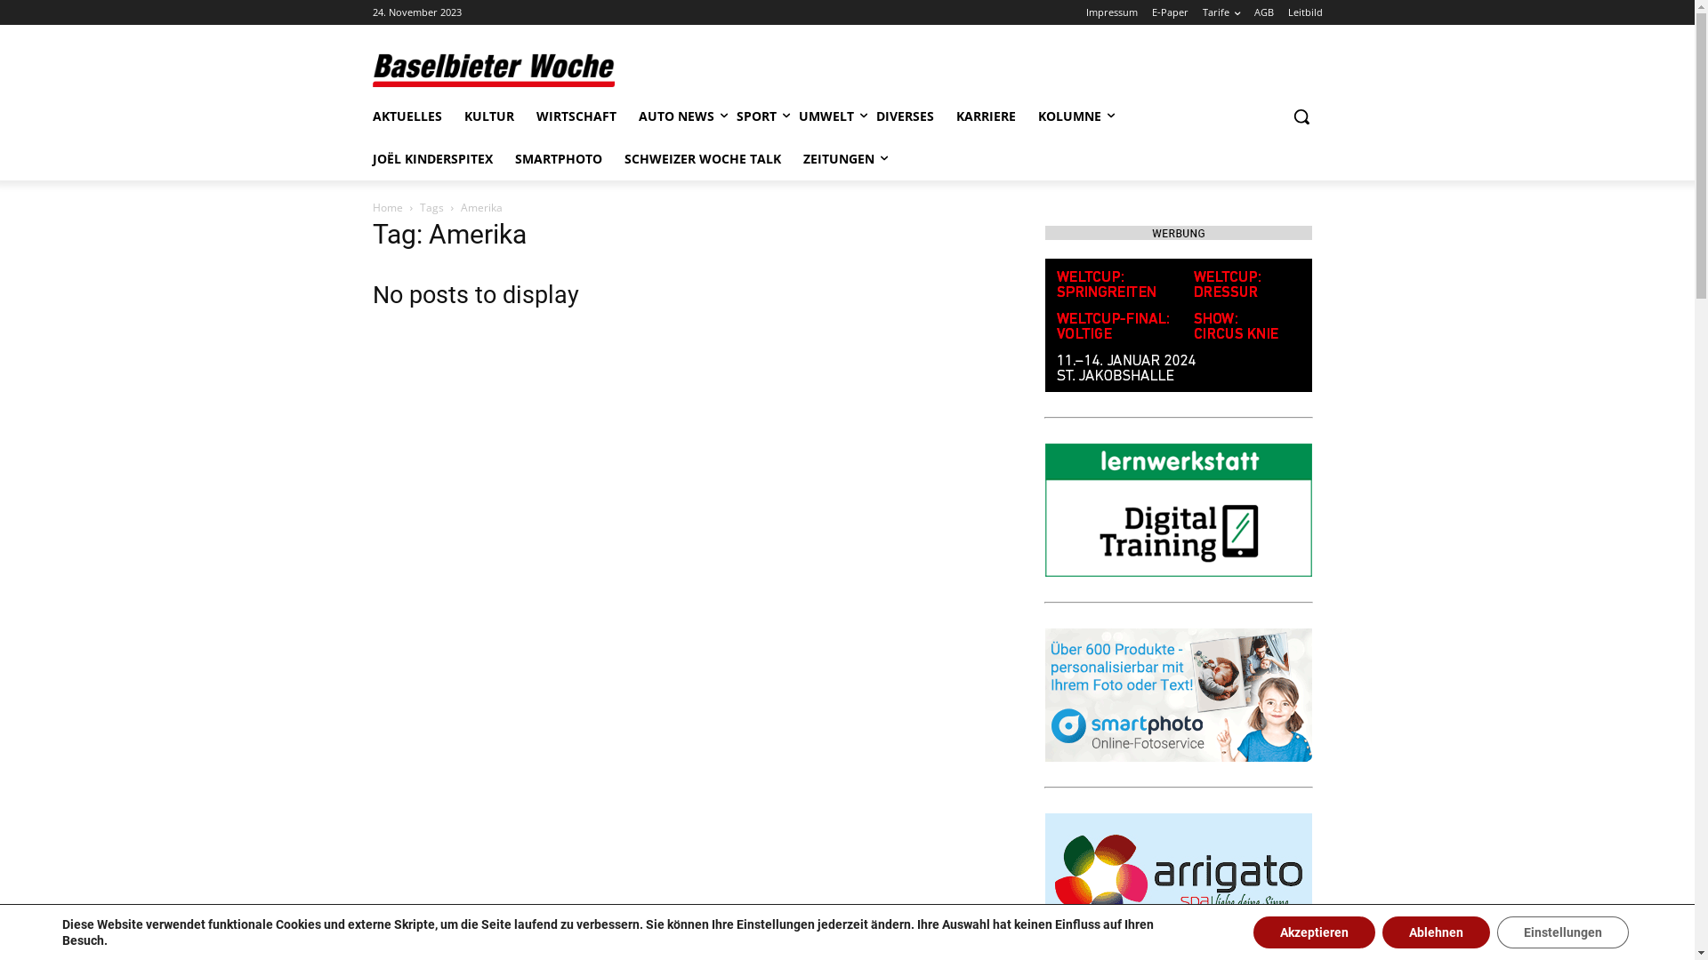 The image size is (1708, 960). I want to click on 'ZEITUNGEN', so click(836, 157).